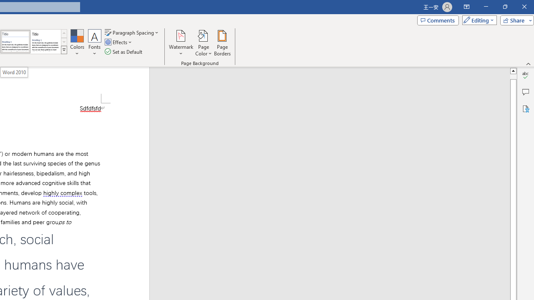  What do you see at coordinates (477, 20) in the screenshot?
I see `'Editing'` at bounding box center [477, 20].